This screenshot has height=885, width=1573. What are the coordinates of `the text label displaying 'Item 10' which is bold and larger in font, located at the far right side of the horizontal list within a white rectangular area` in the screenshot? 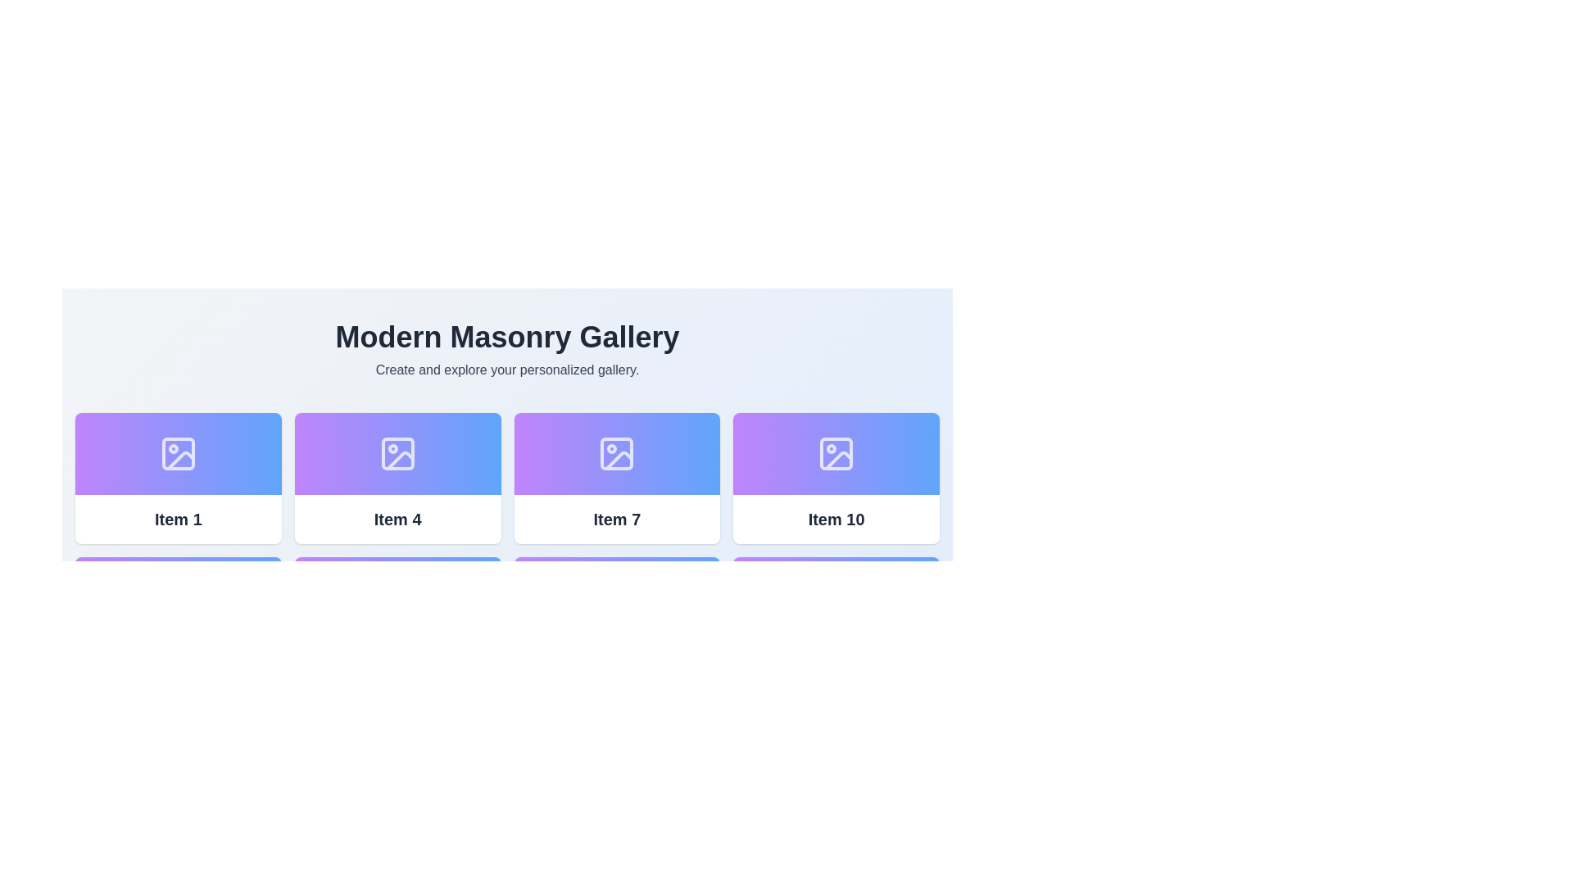 It's located at (836, 519).